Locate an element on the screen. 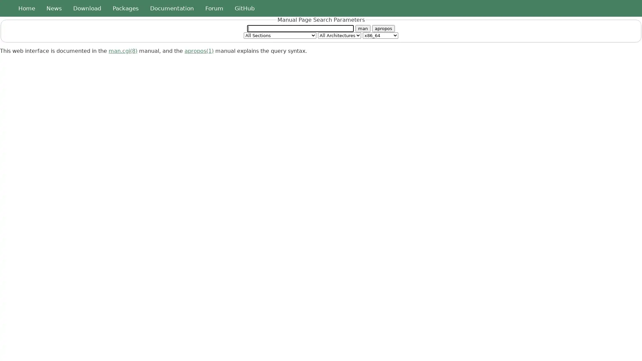 This screenshot has height=361, width=642. apropos is located at coordinates (384, 28).